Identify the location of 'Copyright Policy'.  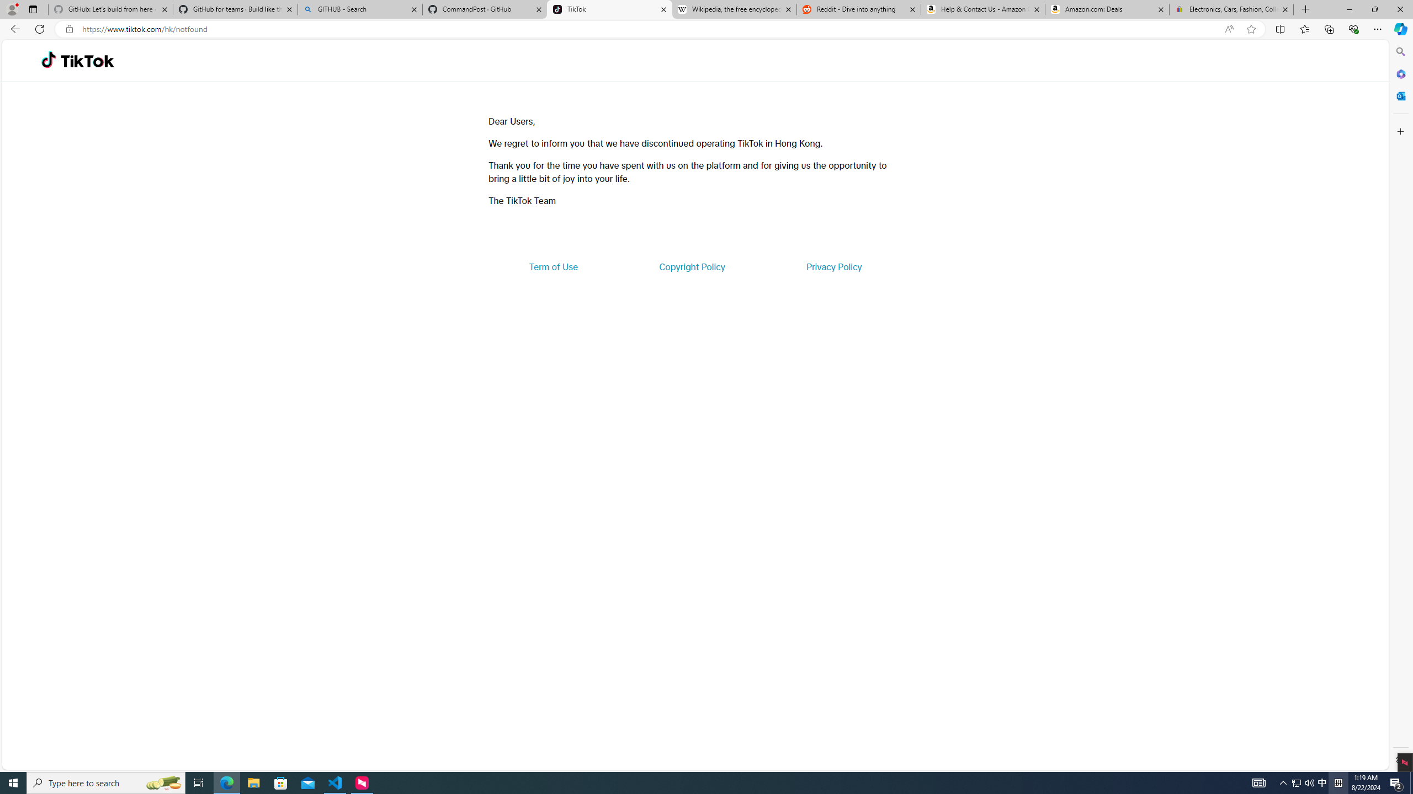
(691, 266).